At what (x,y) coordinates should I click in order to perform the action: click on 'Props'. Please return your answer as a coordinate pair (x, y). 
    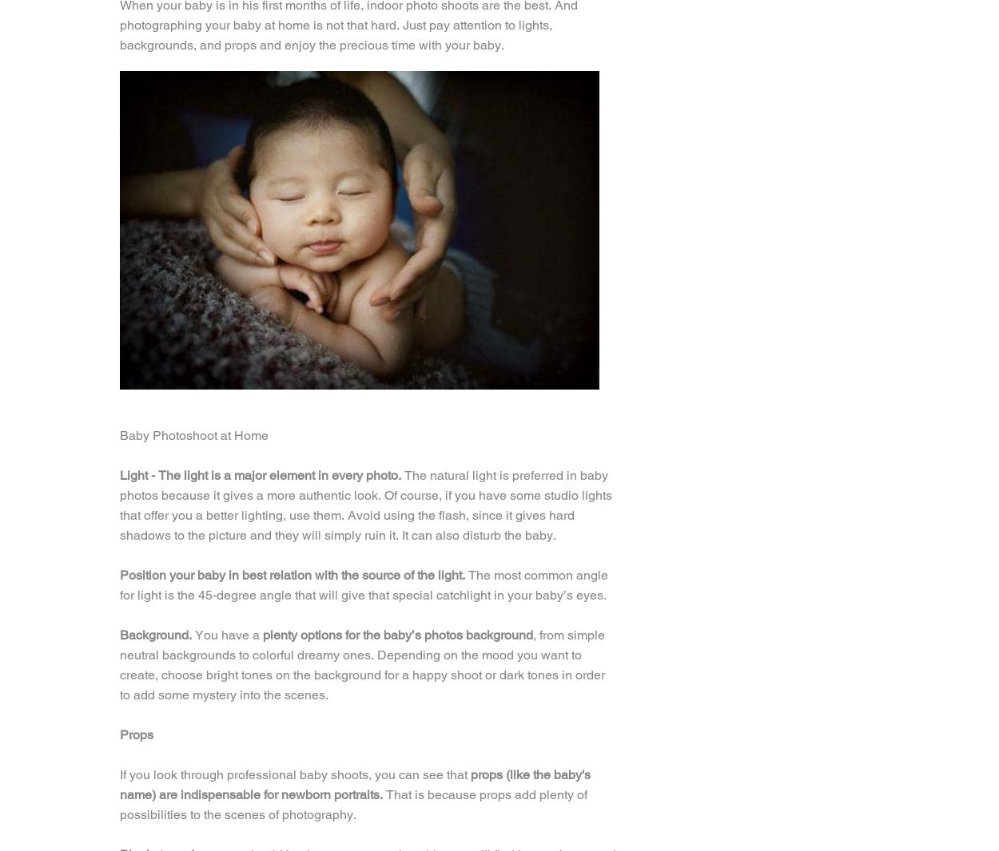
    Looking at the image, I should click on (137, 734).